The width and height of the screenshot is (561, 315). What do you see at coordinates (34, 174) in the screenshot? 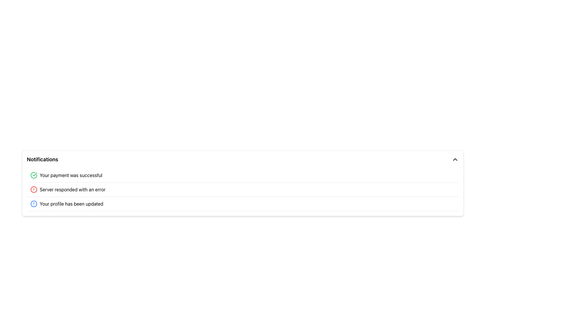
I see `the success icon in the notification list that indicates successful payment processing, which is visually represented by a circular SVG graphic aligned to the left of the text 'Your payment was successful'` at bounding box center [34, 174].